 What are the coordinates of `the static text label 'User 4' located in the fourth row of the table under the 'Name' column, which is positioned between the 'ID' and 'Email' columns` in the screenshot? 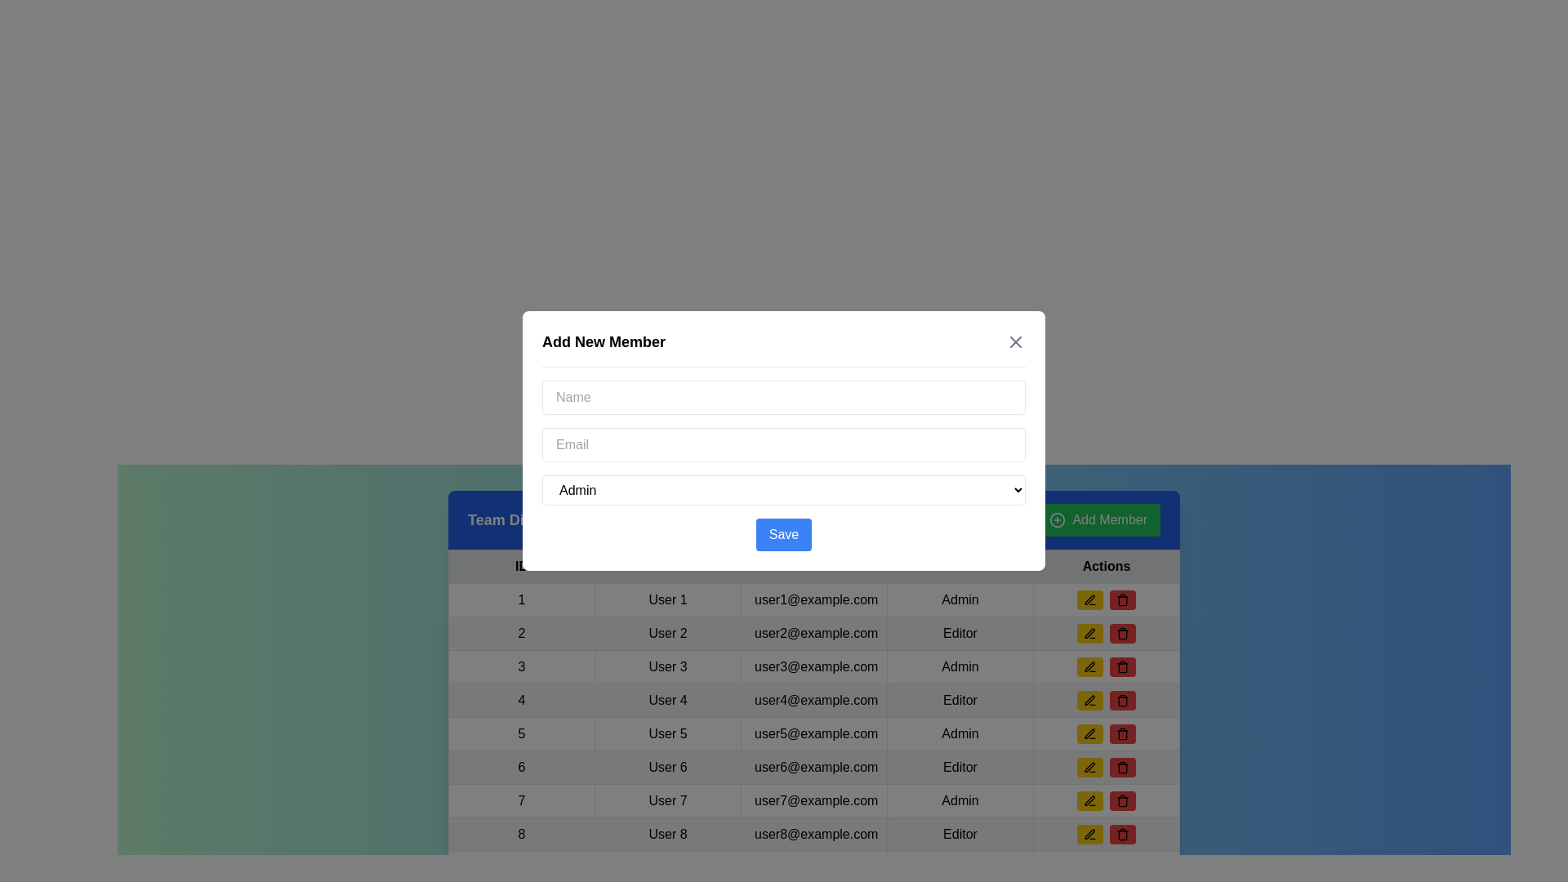 It's located at (667, 699).